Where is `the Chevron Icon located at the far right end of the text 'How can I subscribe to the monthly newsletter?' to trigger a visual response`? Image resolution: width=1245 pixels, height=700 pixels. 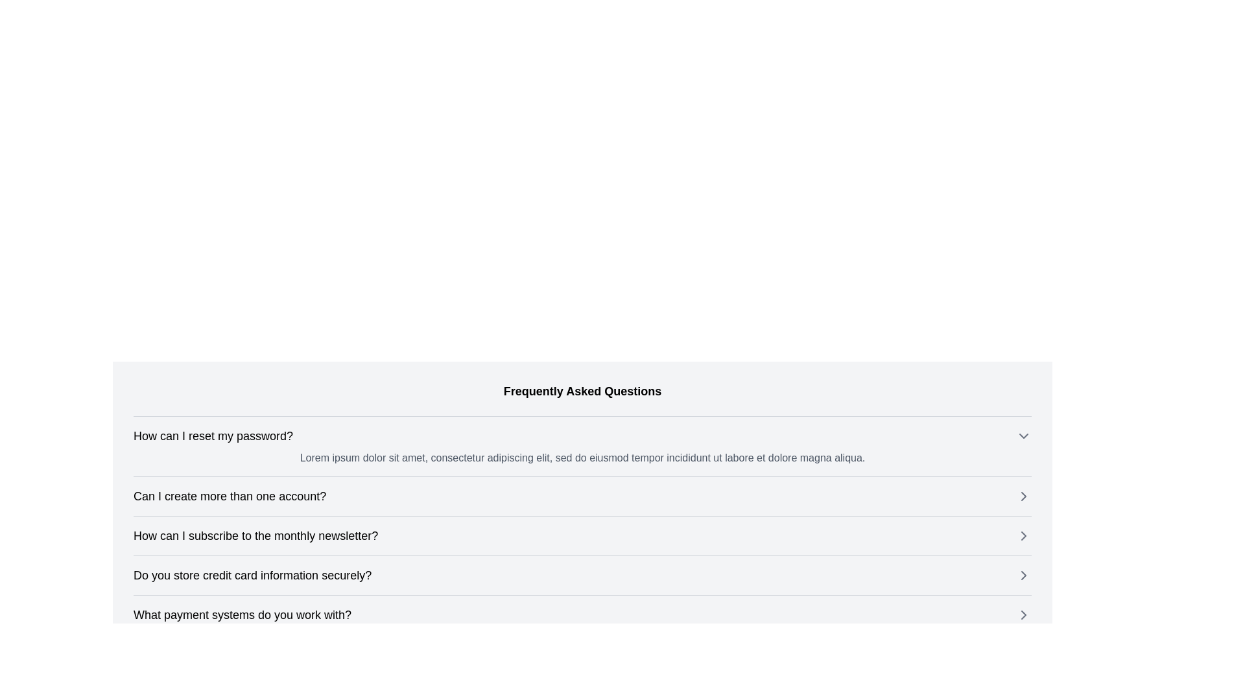
the Chevron Icon located at the far right end of the text 'How can I subscribe to the monthly newsletter?' to trigger a visual response is located at coordinates (1023, 535).